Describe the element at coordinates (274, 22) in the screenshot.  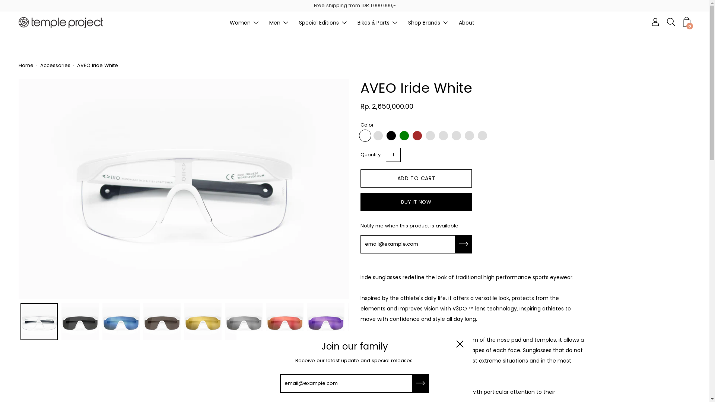
I see `'Men'` at that location.